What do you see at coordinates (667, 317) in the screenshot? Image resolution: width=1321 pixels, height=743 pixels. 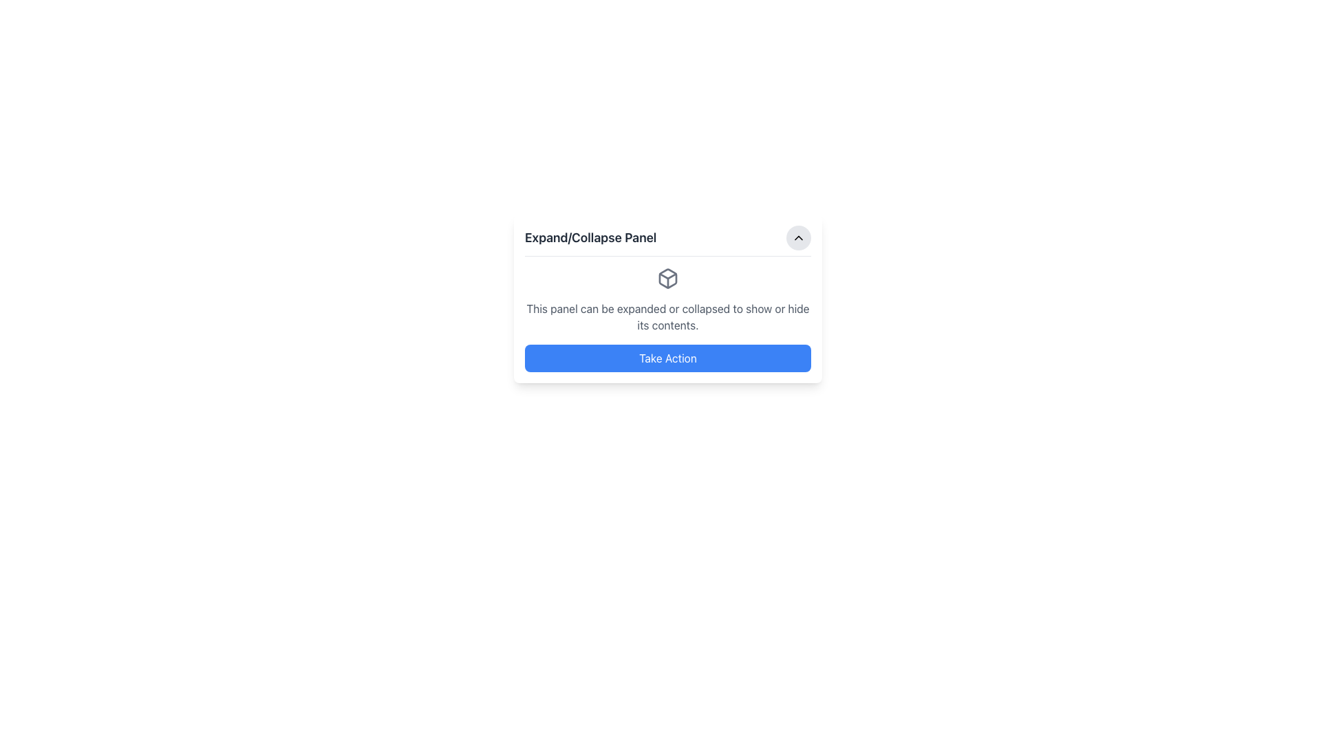 I see `the static text description that indicates the expandable and collapsible nature of the surrounding panel, located below the box-like icon and above the 'Take Action' button` at bounding box center [667, 317].